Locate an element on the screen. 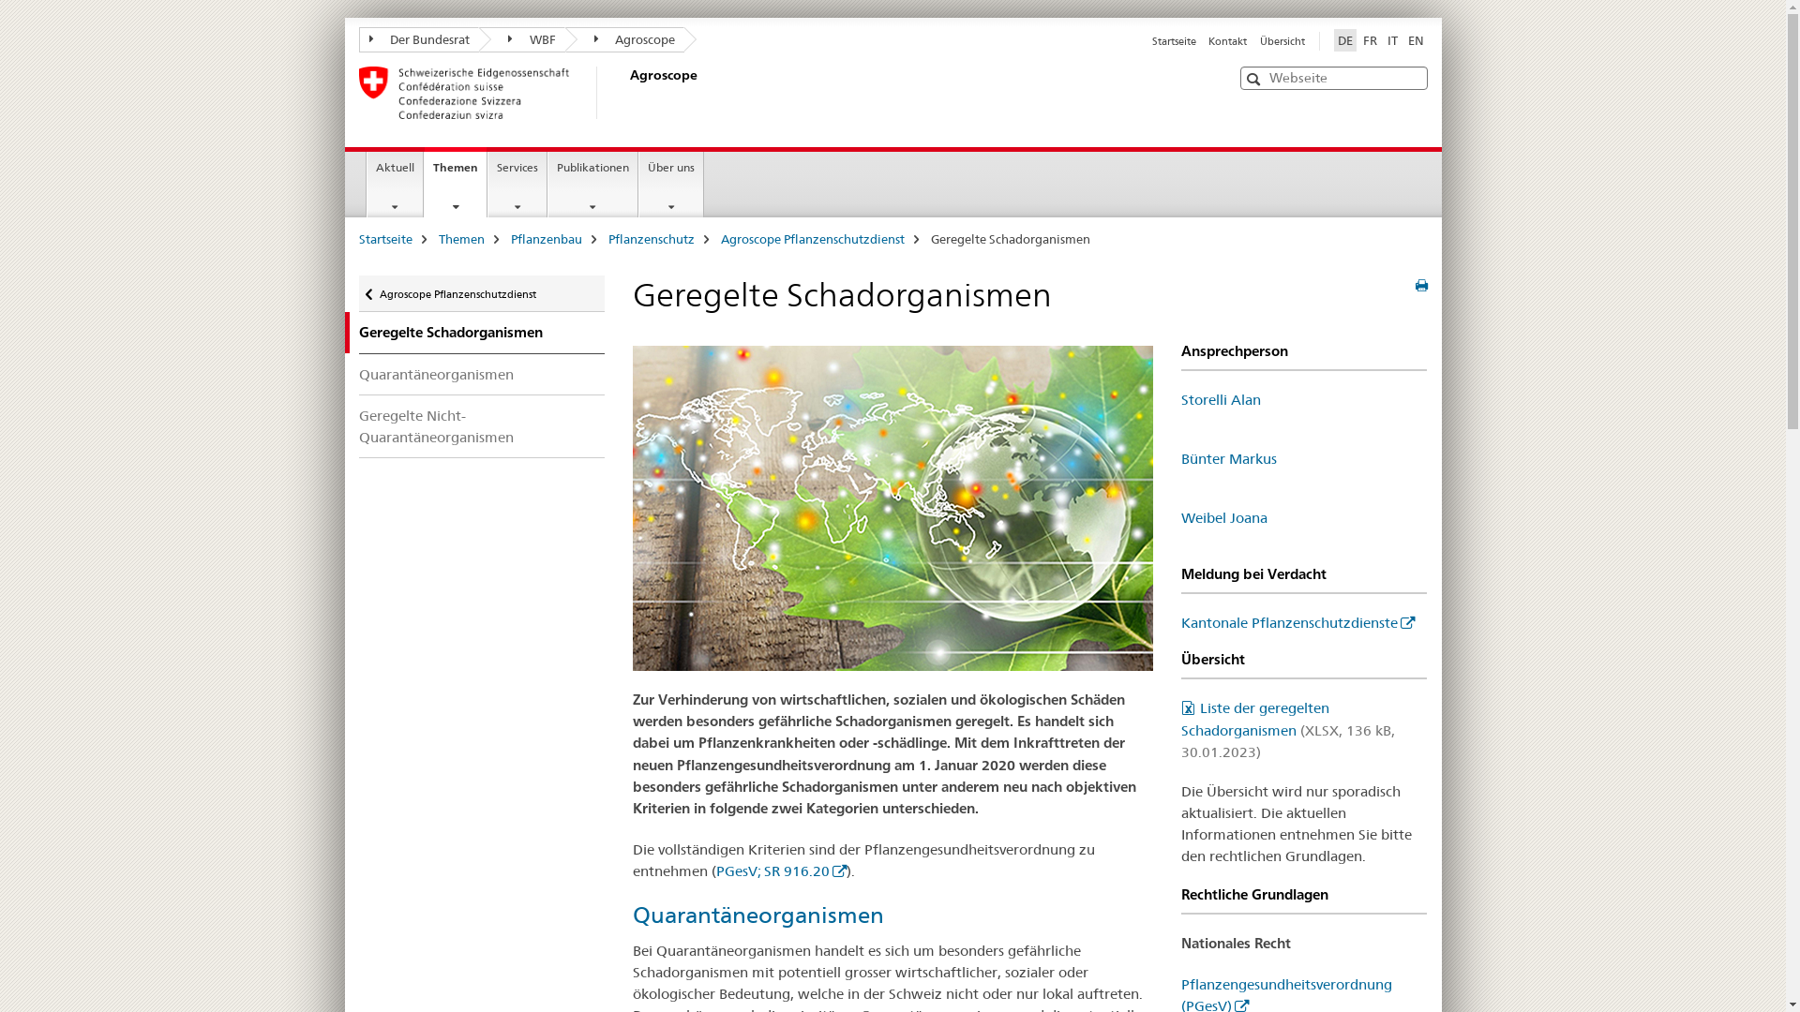 This screenshot has height=1012, width=1800. 'Pflanzenschutz' is located at coordinates (651, 237).